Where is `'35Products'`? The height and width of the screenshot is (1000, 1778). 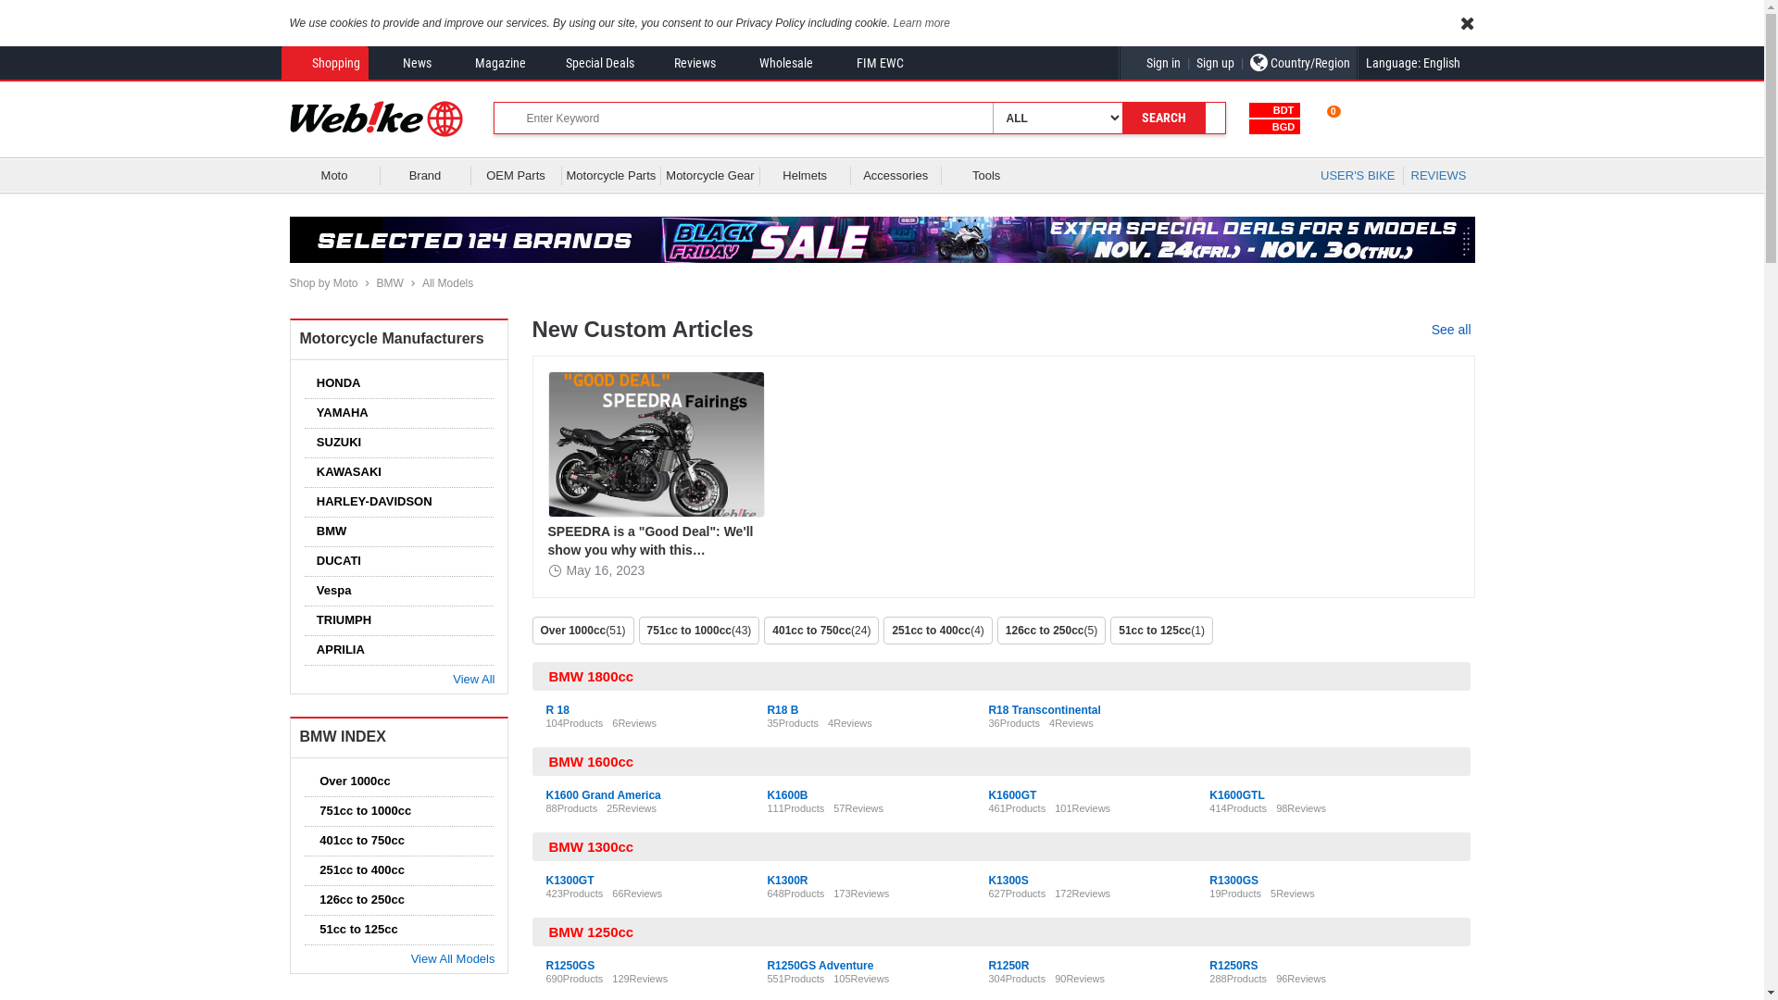 '35Products' is located at coordinates (792, 721).